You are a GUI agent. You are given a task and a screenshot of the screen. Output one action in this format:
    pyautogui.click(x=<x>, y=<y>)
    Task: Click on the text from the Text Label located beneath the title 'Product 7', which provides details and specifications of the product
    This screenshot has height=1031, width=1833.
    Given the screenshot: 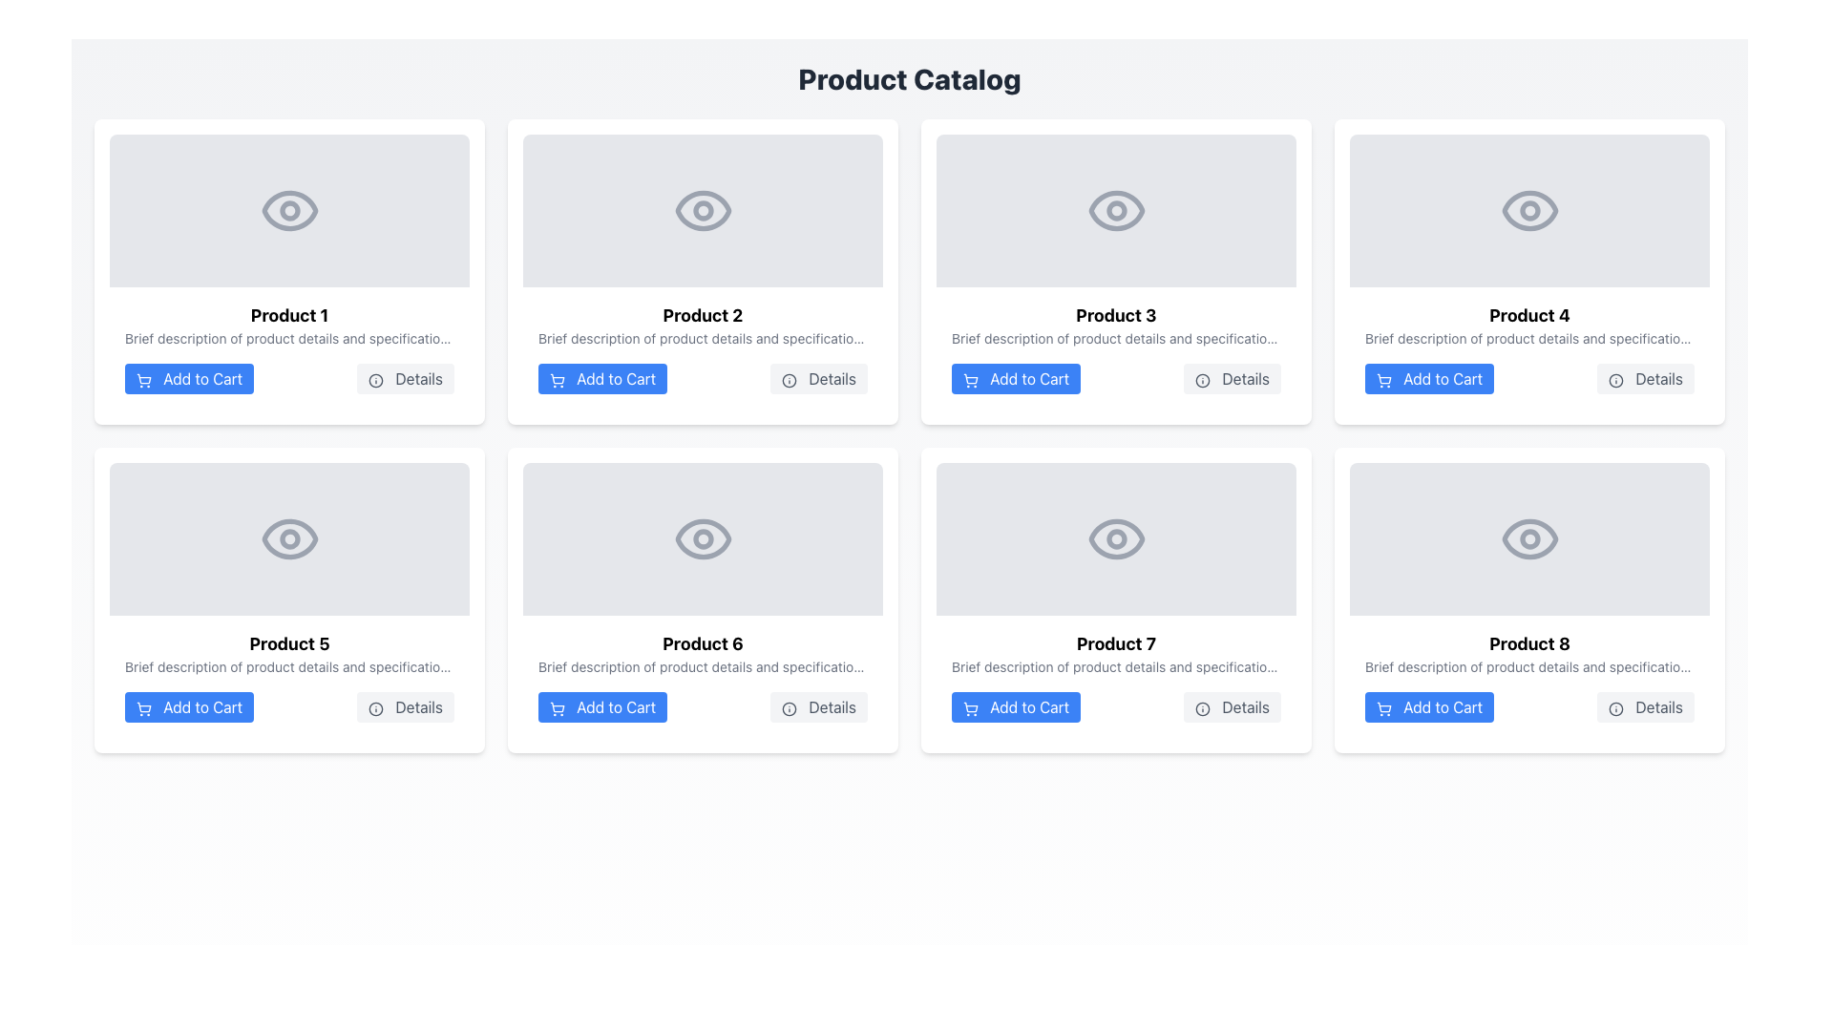 What is the action you would take?
    pyautogui.click(x=1116, y=665)
    